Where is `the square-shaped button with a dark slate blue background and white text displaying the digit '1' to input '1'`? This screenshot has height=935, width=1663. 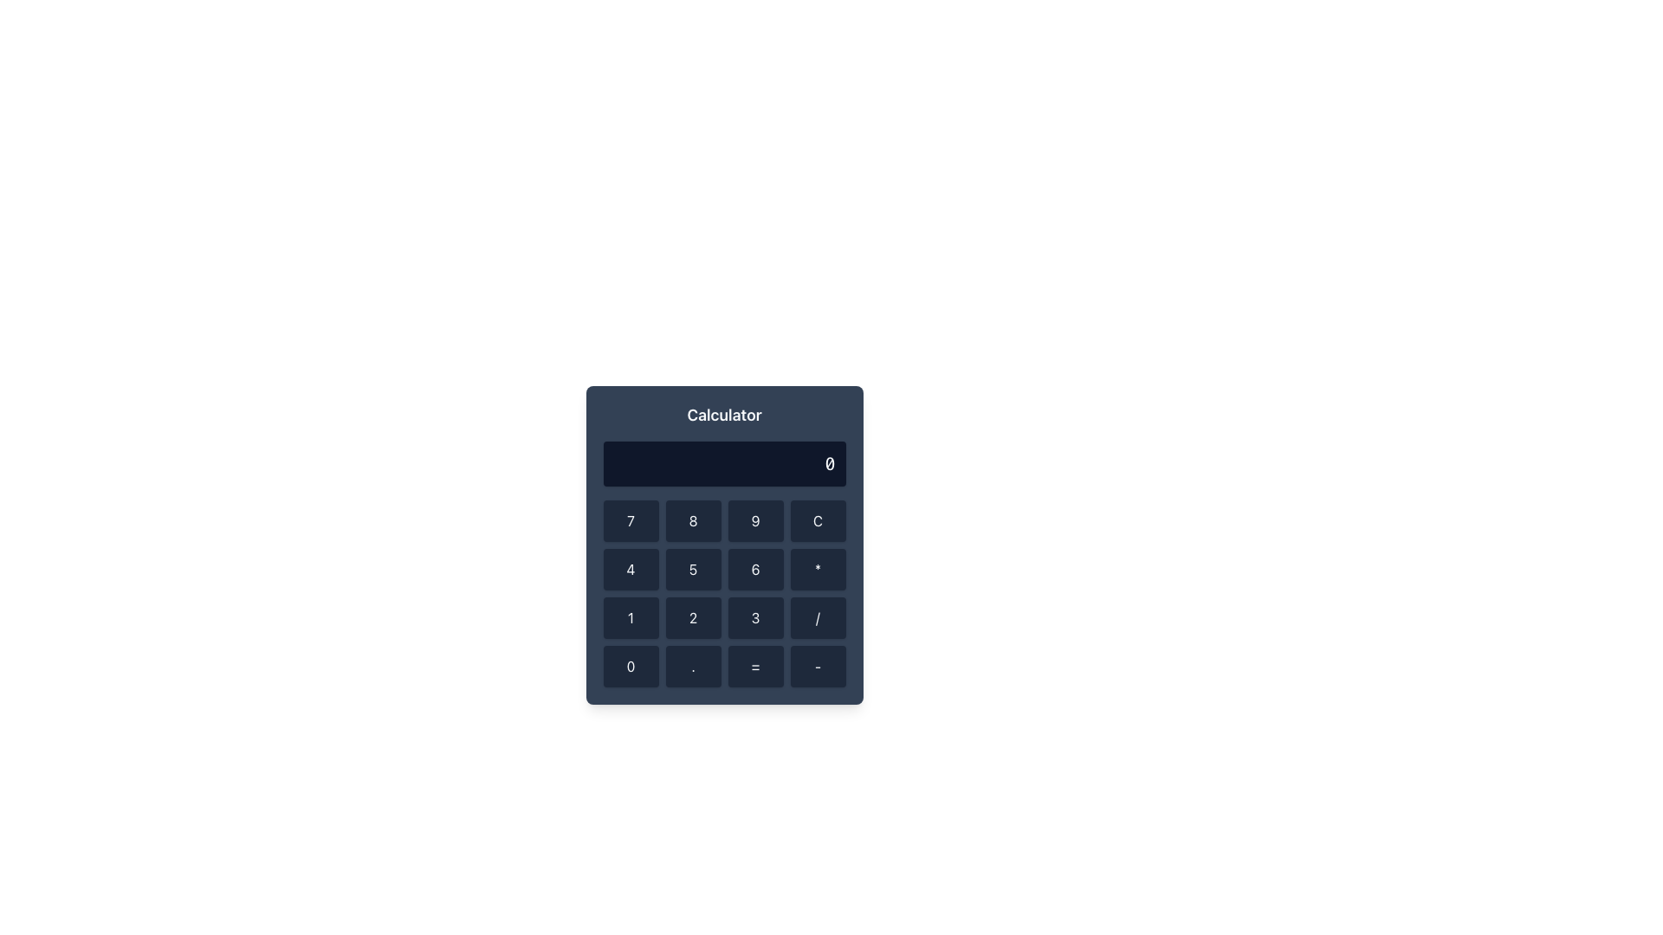
the square-shaped button with a dark slate blue background and white text displaying the digit '1' to input '1' is located at coordinates (630, 616).